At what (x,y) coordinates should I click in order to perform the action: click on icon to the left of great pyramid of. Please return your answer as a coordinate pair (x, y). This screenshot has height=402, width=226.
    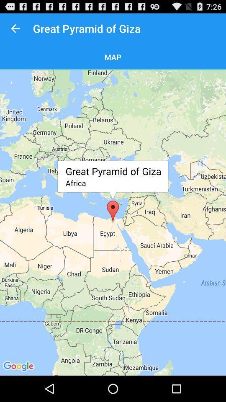
    Looking at the image, I should click on (15, 28).